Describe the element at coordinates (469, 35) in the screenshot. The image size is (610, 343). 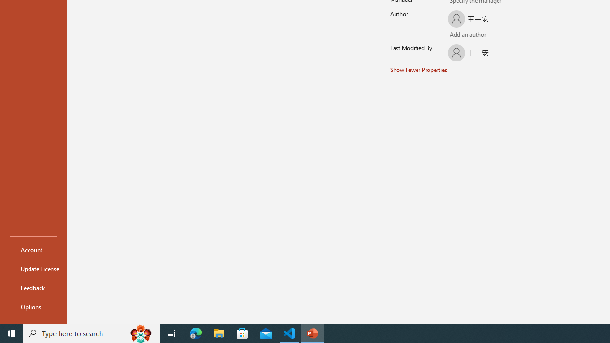
I see `'Verify Names'` at that location.